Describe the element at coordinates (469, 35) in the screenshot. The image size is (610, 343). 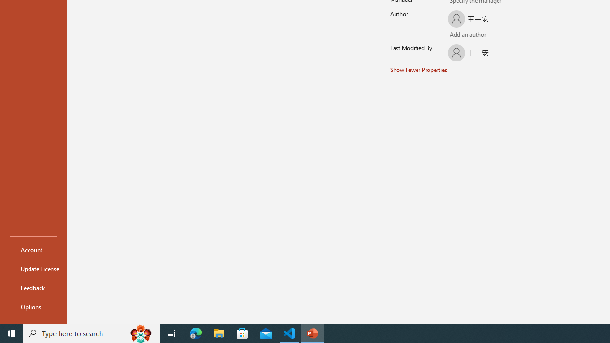
I see `'Verify Names'` at that location.